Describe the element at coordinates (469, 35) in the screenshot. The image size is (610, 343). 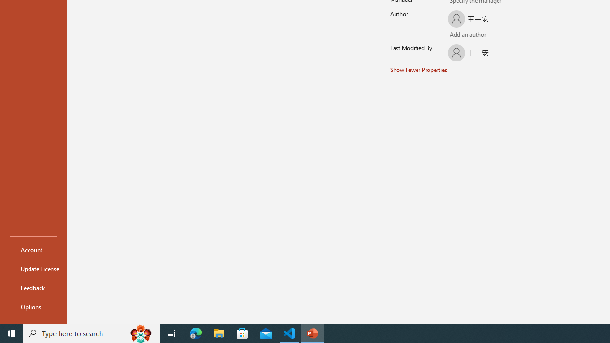
I see `'Verify Names'` at that location.